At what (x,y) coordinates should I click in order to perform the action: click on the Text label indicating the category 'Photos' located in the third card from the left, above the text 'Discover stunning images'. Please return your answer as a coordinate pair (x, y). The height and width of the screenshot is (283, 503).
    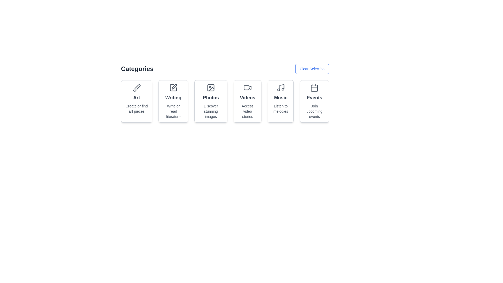
    Looking at the image, I should click on (211, 98).